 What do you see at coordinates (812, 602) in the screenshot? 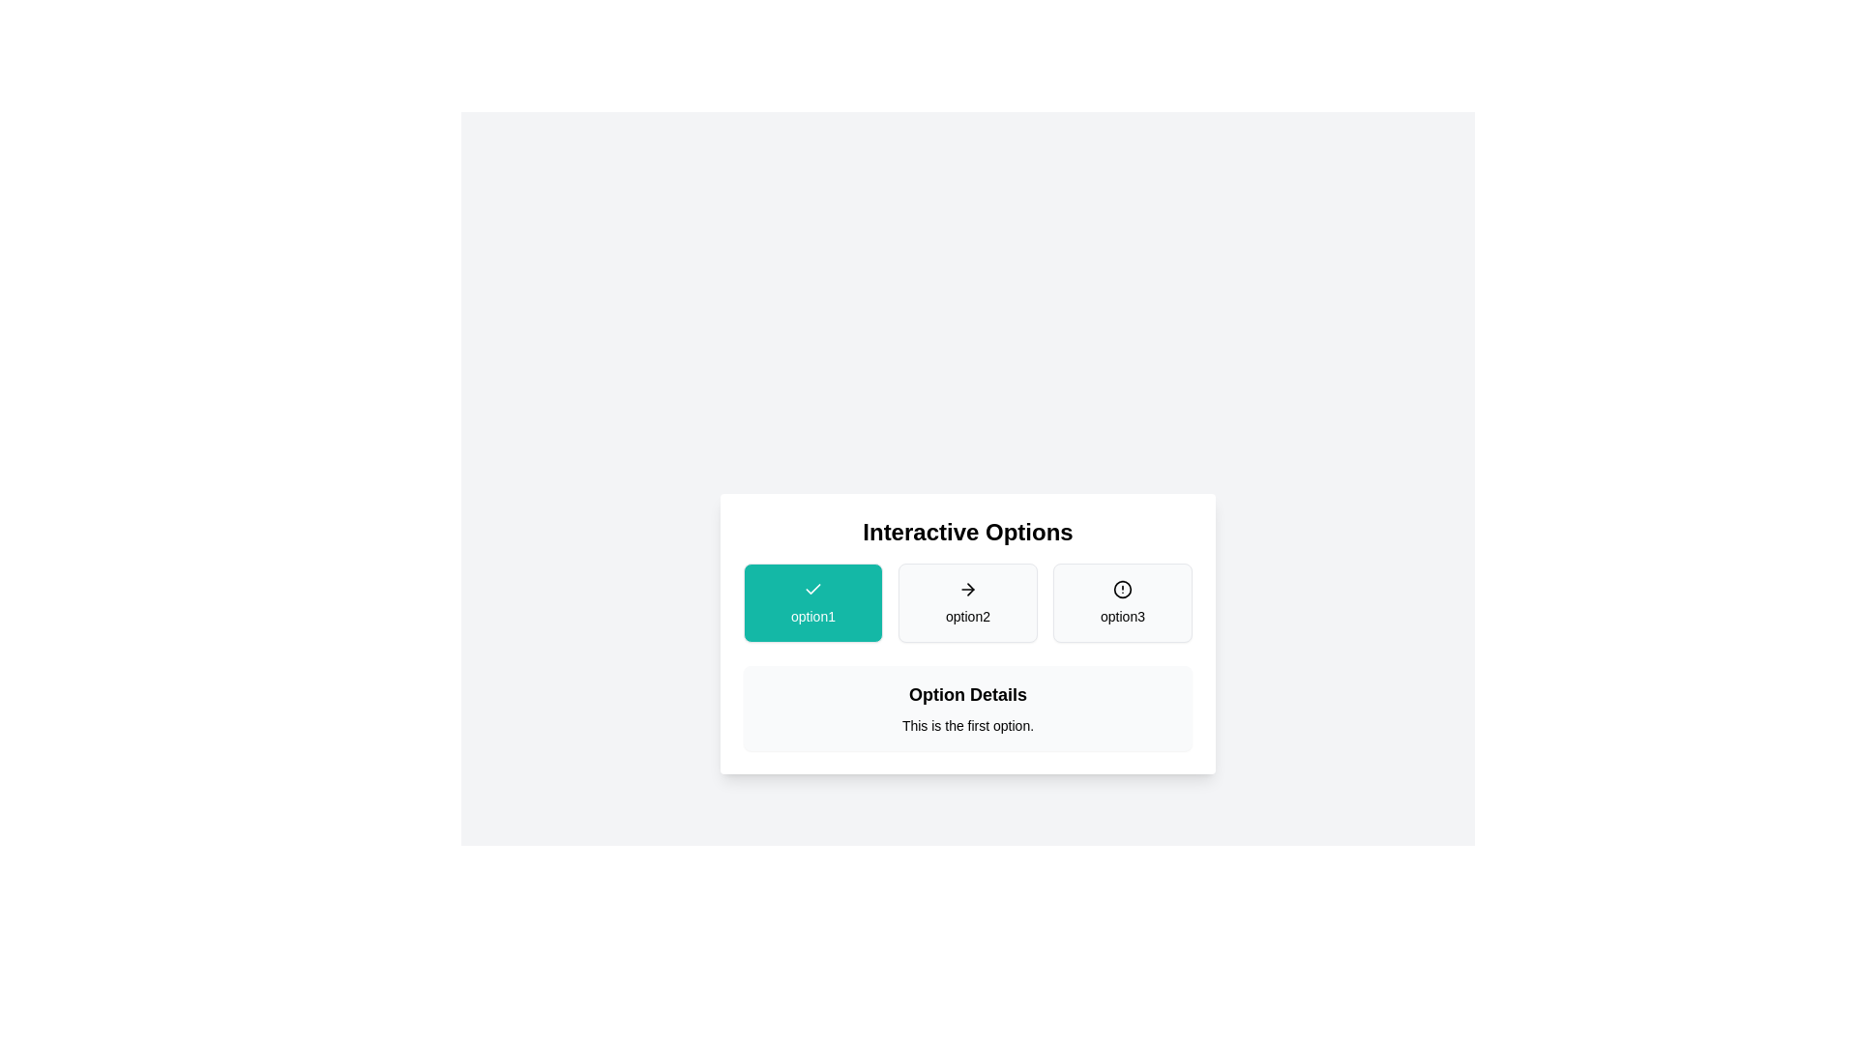
I see `the teal button labeled 'option1' with a white checkmark icon` at bounding box center [812, 602].